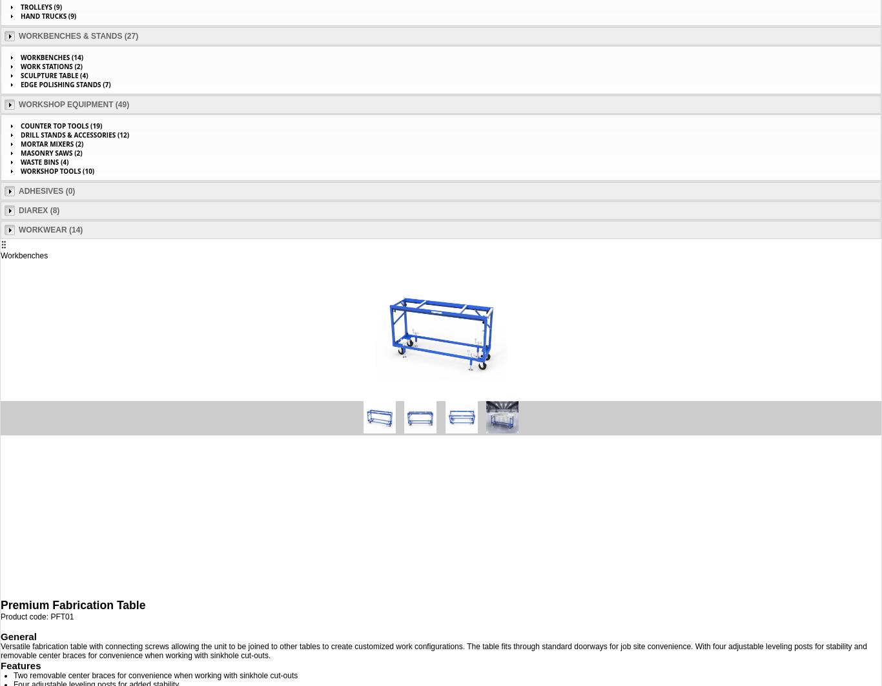  I want to click on 'Trolleys (9)', so click(41, 7).